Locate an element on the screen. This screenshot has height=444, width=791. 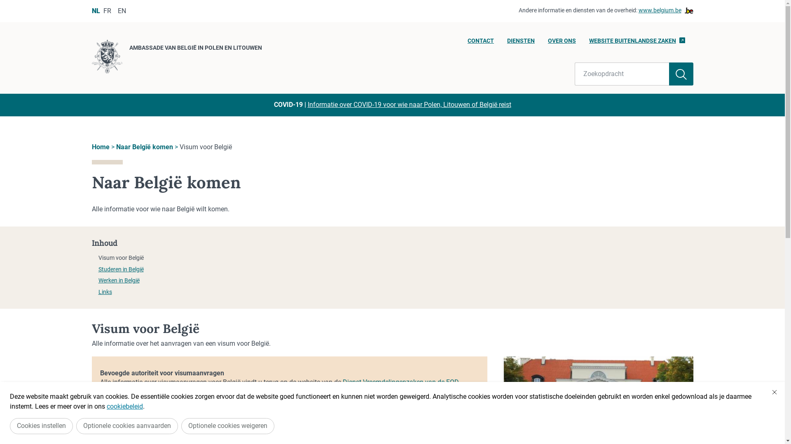
'Dienst Vreemdelingenzaken van de FOD Binnenlandse Zaken' is located at coordinates (279, 386).